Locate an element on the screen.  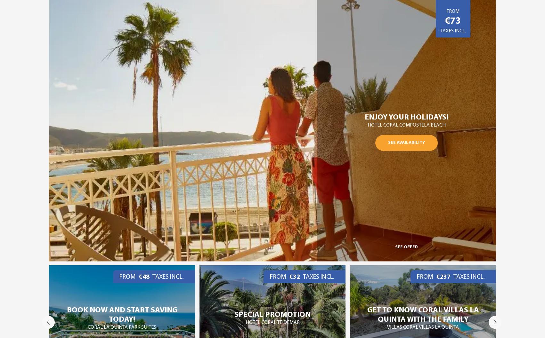
'The best prices on the official website only' is located at coordinates (422, 315).